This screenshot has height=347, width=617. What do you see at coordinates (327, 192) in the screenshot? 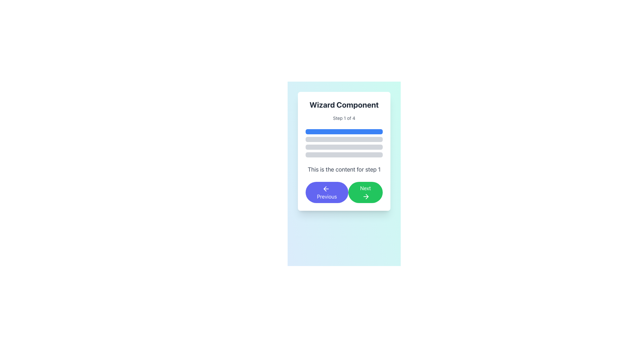
I see `the 'Previous' button with a rounded shape and purple background to change its background color to a darker purple` at bounding box center [327, 192].